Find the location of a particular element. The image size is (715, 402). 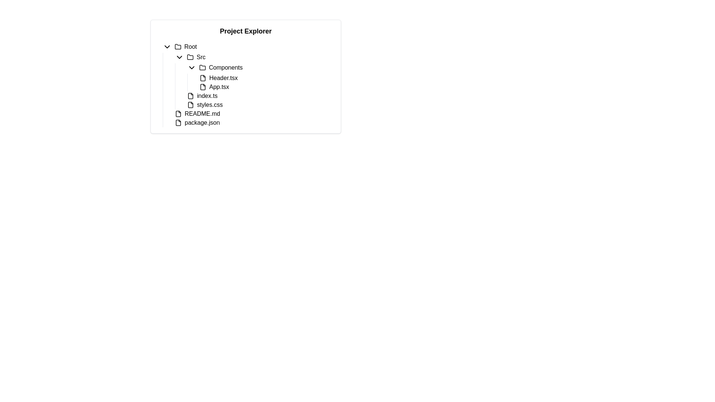

the folder icon representing the 'Src' folder is located at coordinates (190, 57).